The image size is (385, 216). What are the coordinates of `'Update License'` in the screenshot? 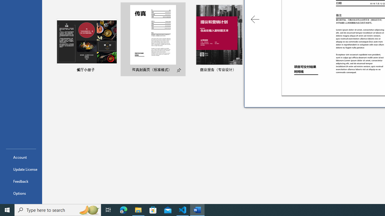 It's located at (21, 169).